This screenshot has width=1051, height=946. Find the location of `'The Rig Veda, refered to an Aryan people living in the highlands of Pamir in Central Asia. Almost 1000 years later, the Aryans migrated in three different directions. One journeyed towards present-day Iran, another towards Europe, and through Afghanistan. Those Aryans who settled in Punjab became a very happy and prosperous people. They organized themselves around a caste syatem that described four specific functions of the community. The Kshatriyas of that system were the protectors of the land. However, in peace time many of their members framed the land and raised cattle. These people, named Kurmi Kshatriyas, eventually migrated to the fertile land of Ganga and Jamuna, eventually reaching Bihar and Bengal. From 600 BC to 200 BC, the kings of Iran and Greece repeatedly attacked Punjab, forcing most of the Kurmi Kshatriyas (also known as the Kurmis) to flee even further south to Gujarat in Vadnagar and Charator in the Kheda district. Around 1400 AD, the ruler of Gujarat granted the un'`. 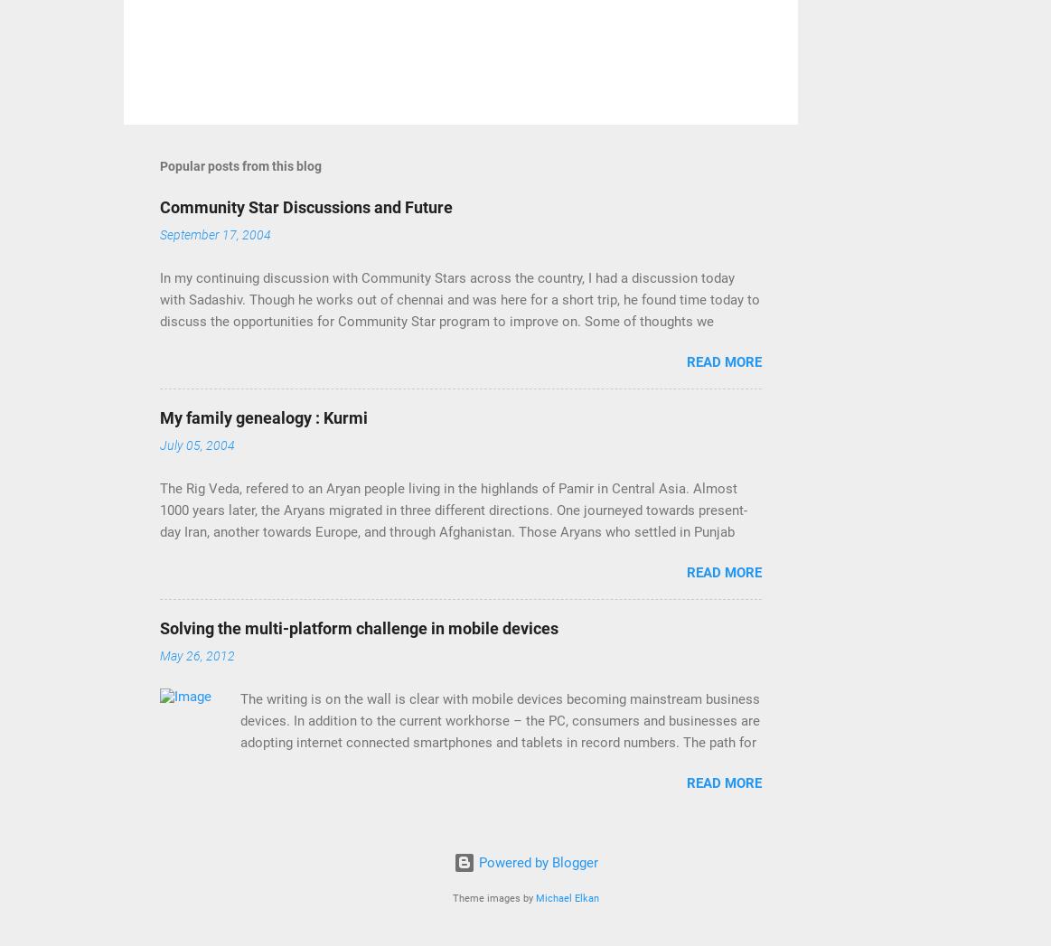

'The Rig Veda, refered to an Aryan people living in the highlands of Pamir in Central Asia. Almost 1000 years later, the Aryans migrated in three different directions. One journeyed towards present-day Iran, another towards Europe, and through Afghanistan. Those Aryans who settled in Punjab became a very happy and prosperous people. They organized themselves around a caste syatem that described four specific functions of the community. The Kshatriyas of that system were the protectors of the land. However, in peace time many of their members framed the land and raised cattle. These people, named Kurmi Kshatriyas, eventually migrated to the fertile land of Ganga and Jamuna, eventually reaching Bihar and Bengal. From 600 BC to 200 BC, the kings of Iran and Greece repeatedly attacked Punjab, forcing most of the Kurmi Kshatriyas (also known as the Kurmis) to flee even further south to Gujarat in Vadnagar and Charator in the Kheda district. Around 1400 AD, the ruler of Gujarat granted the un' is located at coordinates (456, 596).